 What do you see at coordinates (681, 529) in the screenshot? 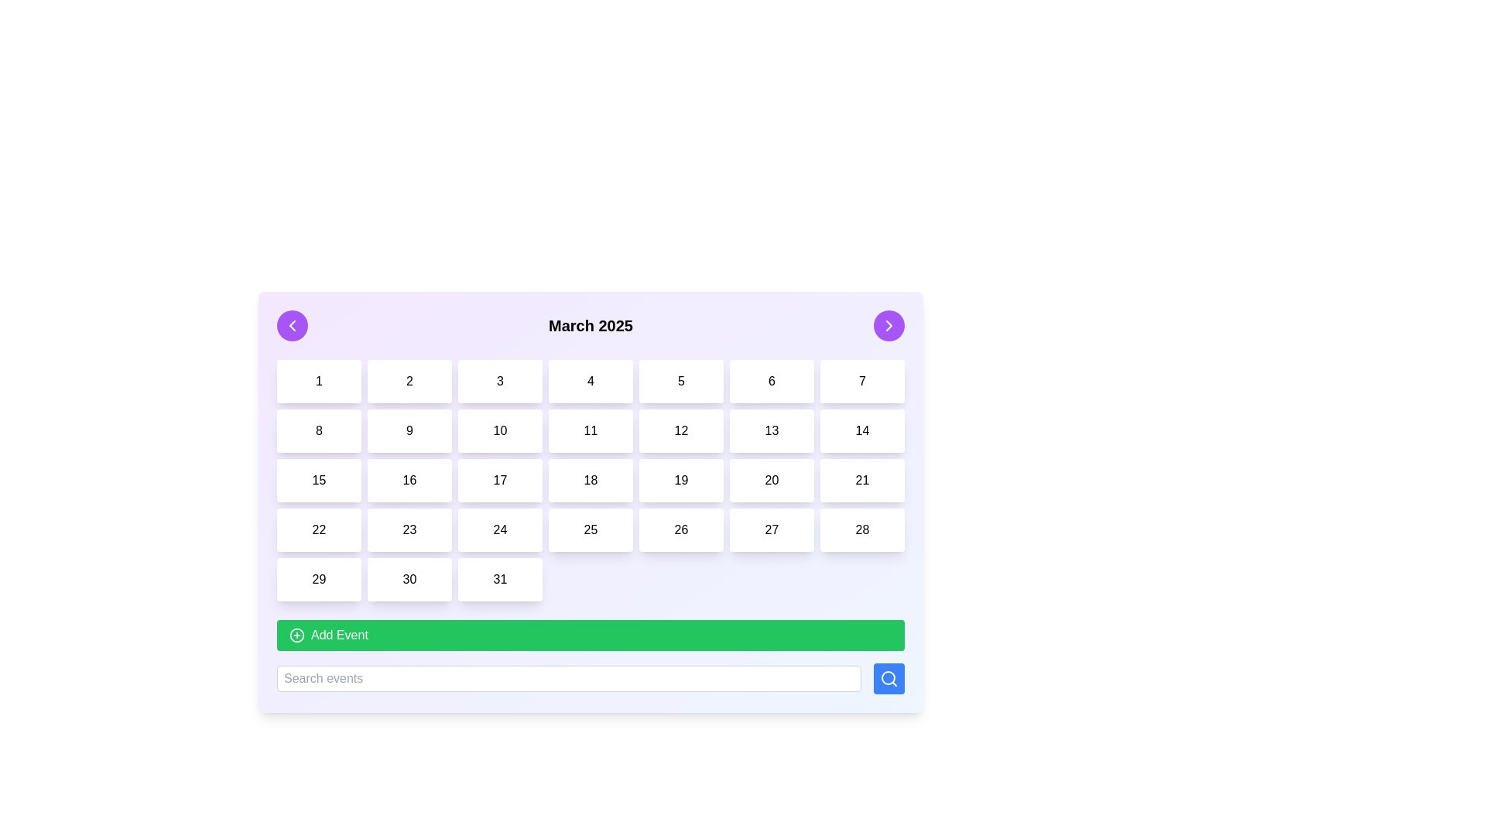
I see `the static informational text element representing the date '26' in the calendar view, which is positioned in the fourth row and fifth column of the grid layout` at bounding box center [681, 529].